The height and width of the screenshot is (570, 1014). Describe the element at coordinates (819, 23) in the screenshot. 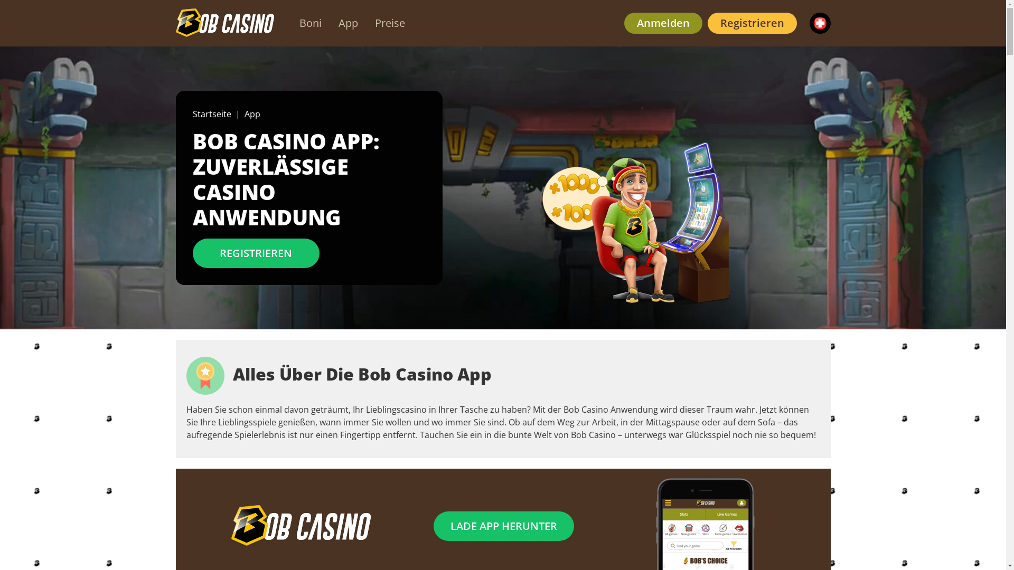

I see `'CH'` at that location.